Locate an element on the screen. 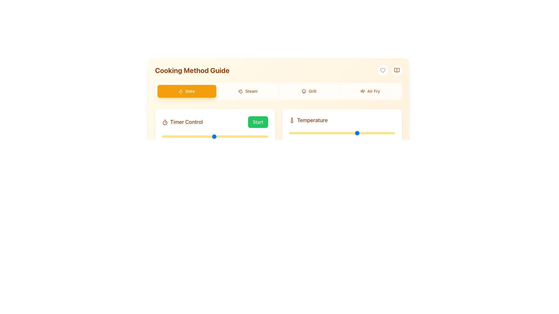 The image size is (559, 314). timer is located at coordinates (237, 137).